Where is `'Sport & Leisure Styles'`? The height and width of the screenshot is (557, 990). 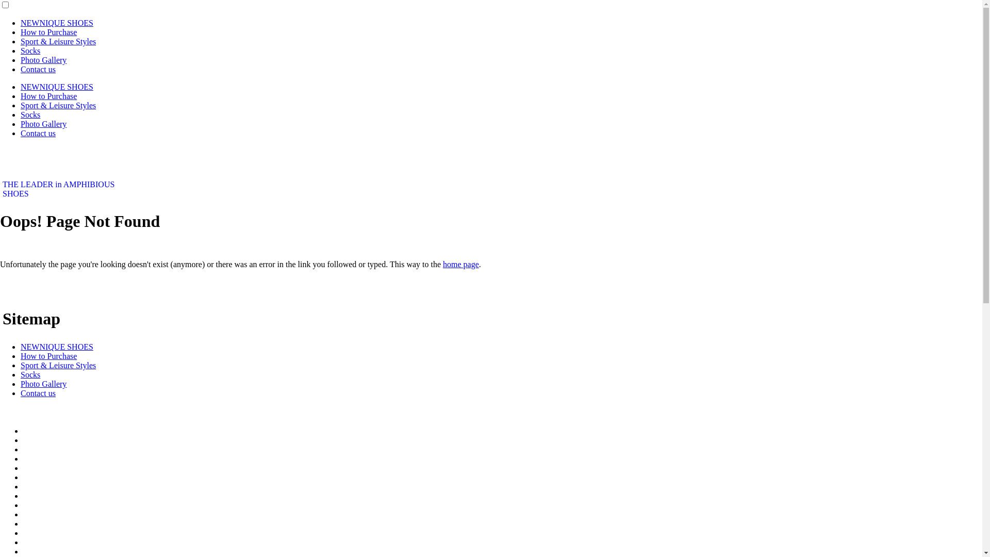 'Sport & Leisure Styles' is located at coordinates (58, 105).